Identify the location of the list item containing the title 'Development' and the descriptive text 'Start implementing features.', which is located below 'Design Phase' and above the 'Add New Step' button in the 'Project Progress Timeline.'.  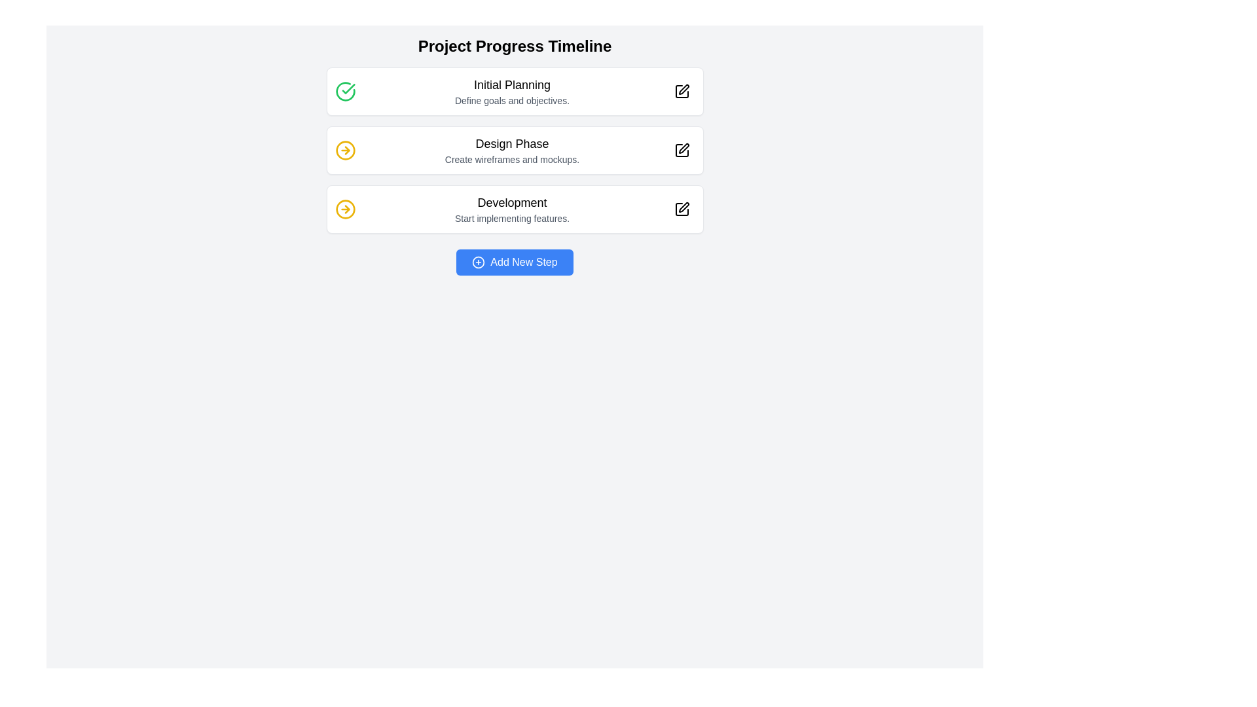
(511, 209).